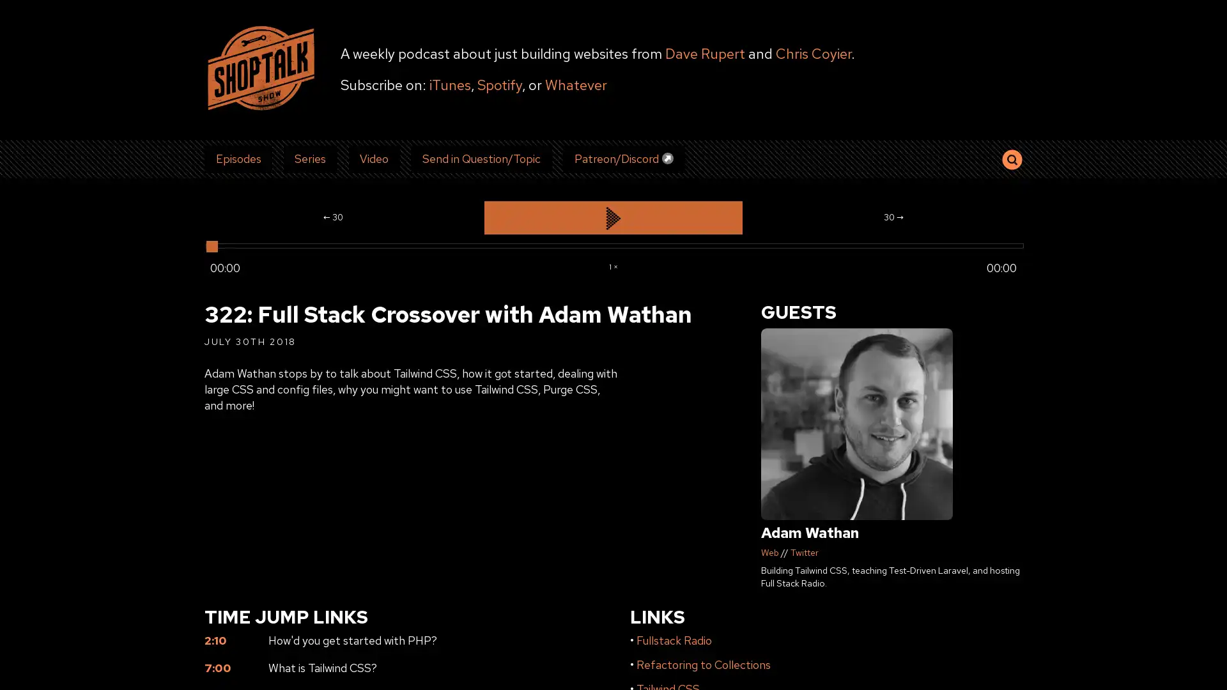 This screenshot has height=690, width=1227. Describe the element at coordinates (892, 217) in the screenshot. I see `Fast Forward 30 seconds` at that location.